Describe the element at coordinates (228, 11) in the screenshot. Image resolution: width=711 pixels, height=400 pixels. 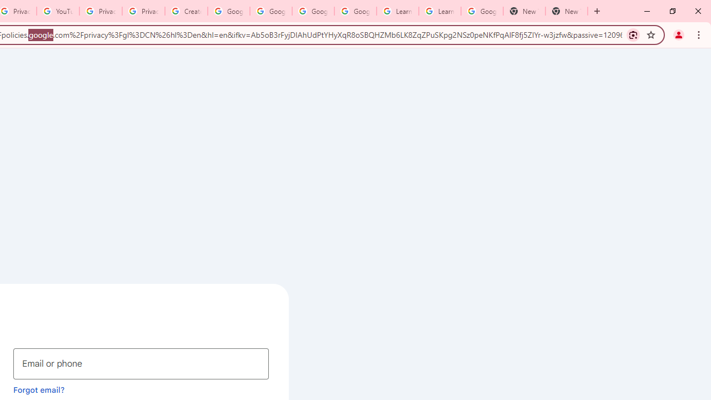
I see `'Google Account Help'` at that location.